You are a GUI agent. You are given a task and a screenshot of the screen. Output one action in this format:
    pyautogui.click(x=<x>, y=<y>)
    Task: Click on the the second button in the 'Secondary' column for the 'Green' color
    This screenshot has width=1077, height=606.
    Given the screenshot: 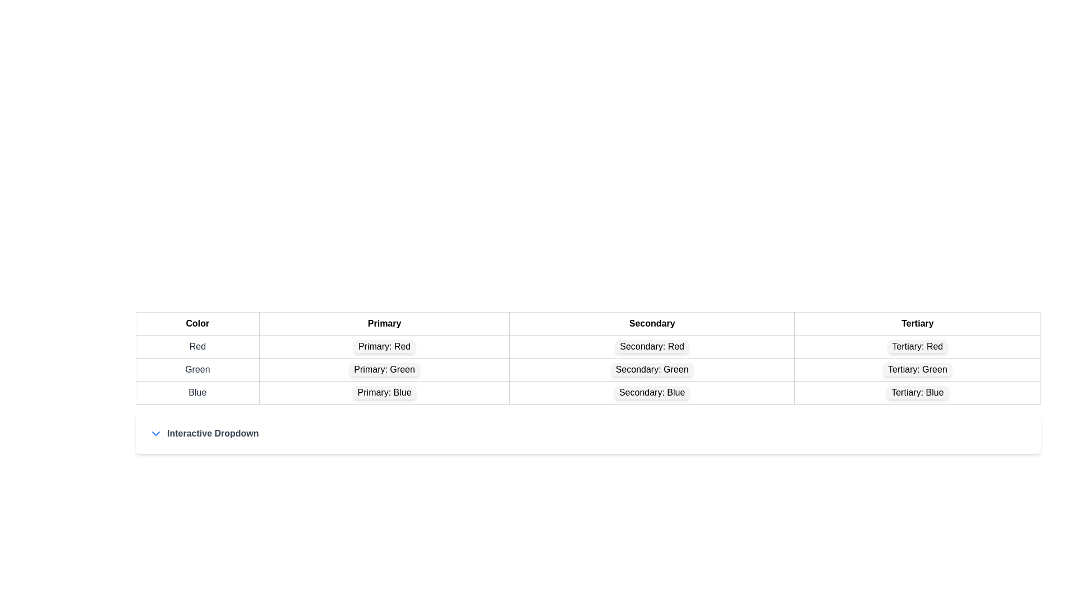 What is the action you would take?
    pyautogui.click(x=652, y=370)
    